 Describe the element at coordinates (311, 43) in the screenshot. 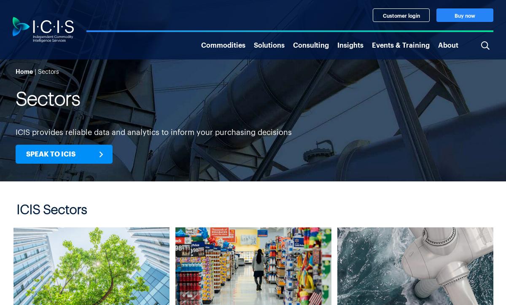

I see `'Consulting'` at that location.